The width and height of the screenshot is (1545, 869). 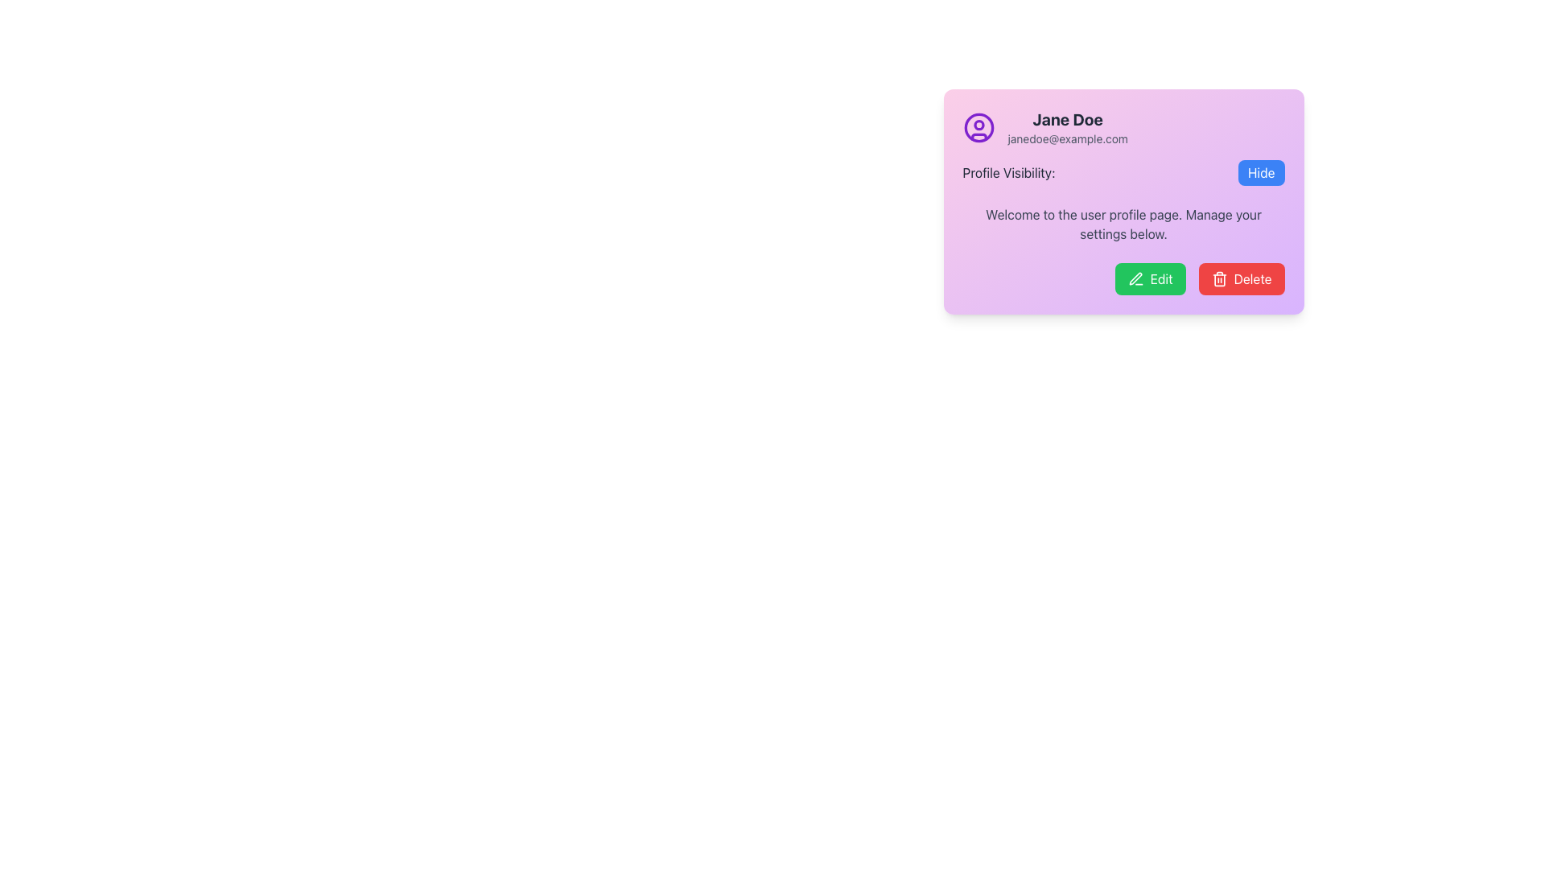 What do you see at coordinates (1123, 200) in the screenshot?
I see `introductory message displayed in the profile visibility settings group located below 'Jane Doe' and 'janedoe@example.com', and above the 'Edit' and 'Delete' buttons` at bounding box center [1123, 200].